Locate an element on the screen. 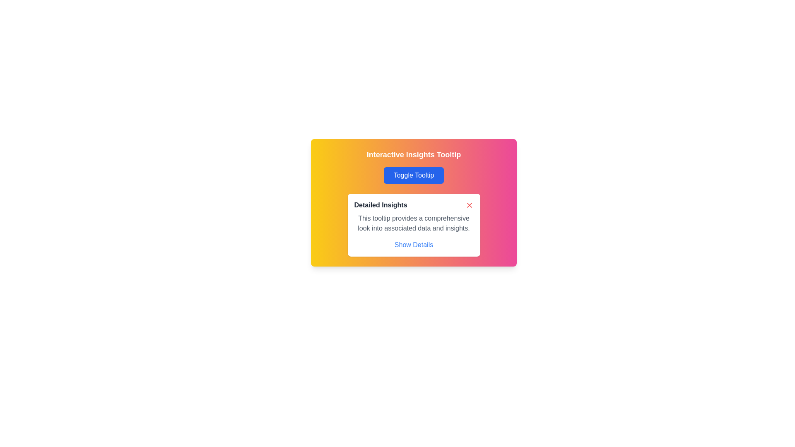  the red 'X' icon in the top-right corner of the 'Detailed Insights' panel is located at coordinates (469, 205).